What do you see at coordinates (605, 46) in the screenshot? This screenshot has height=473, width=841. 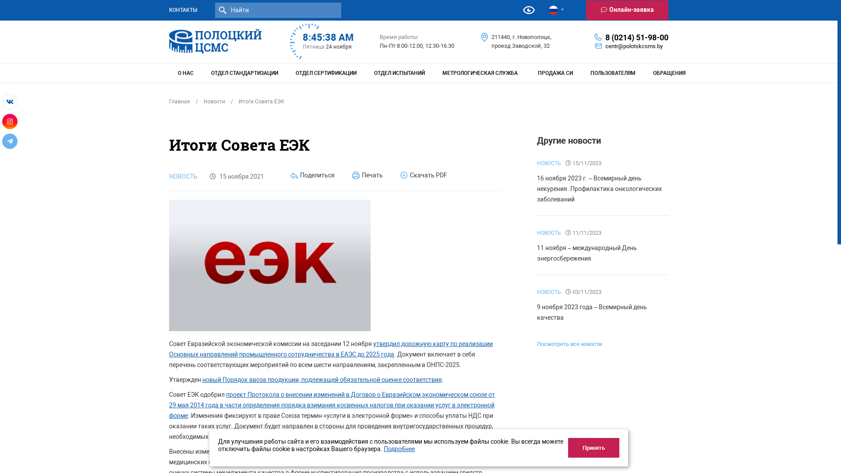 I see `'centr@polotskcsms.by'` at bounding box center [605, 46].